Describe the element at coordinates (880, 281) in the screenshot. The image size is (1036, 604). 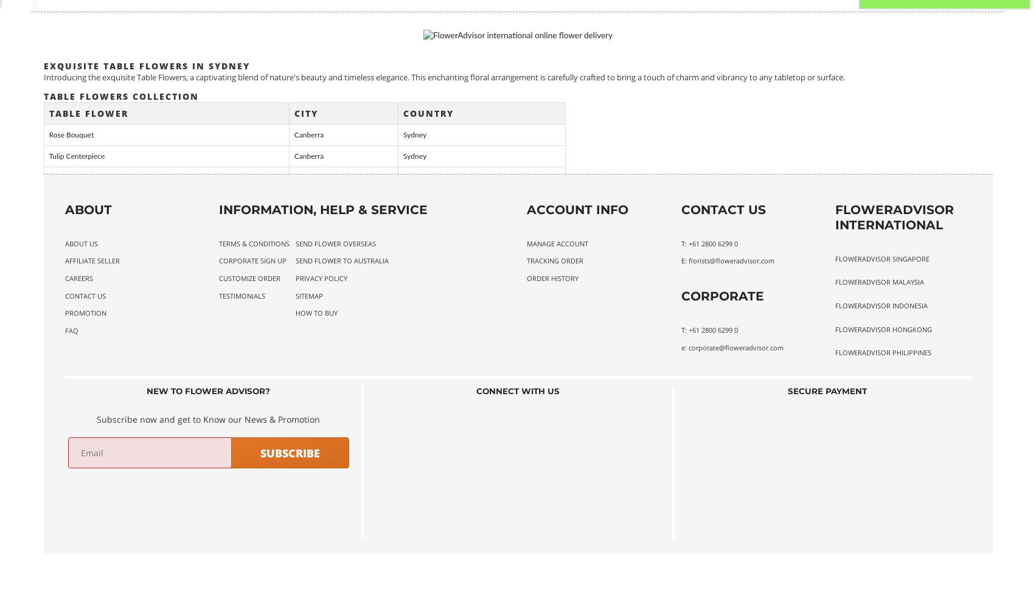
I see `'FlowerAdvisor MALAYSIA'` at that location.